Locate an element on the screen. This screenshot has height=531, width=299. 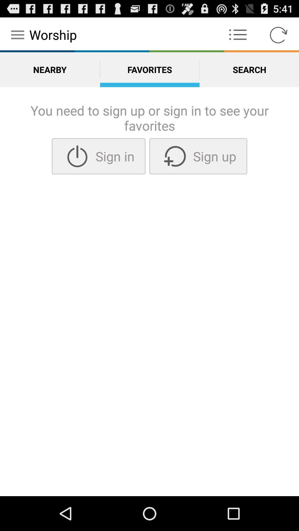
item above search app is located at coordinates (279, 34).